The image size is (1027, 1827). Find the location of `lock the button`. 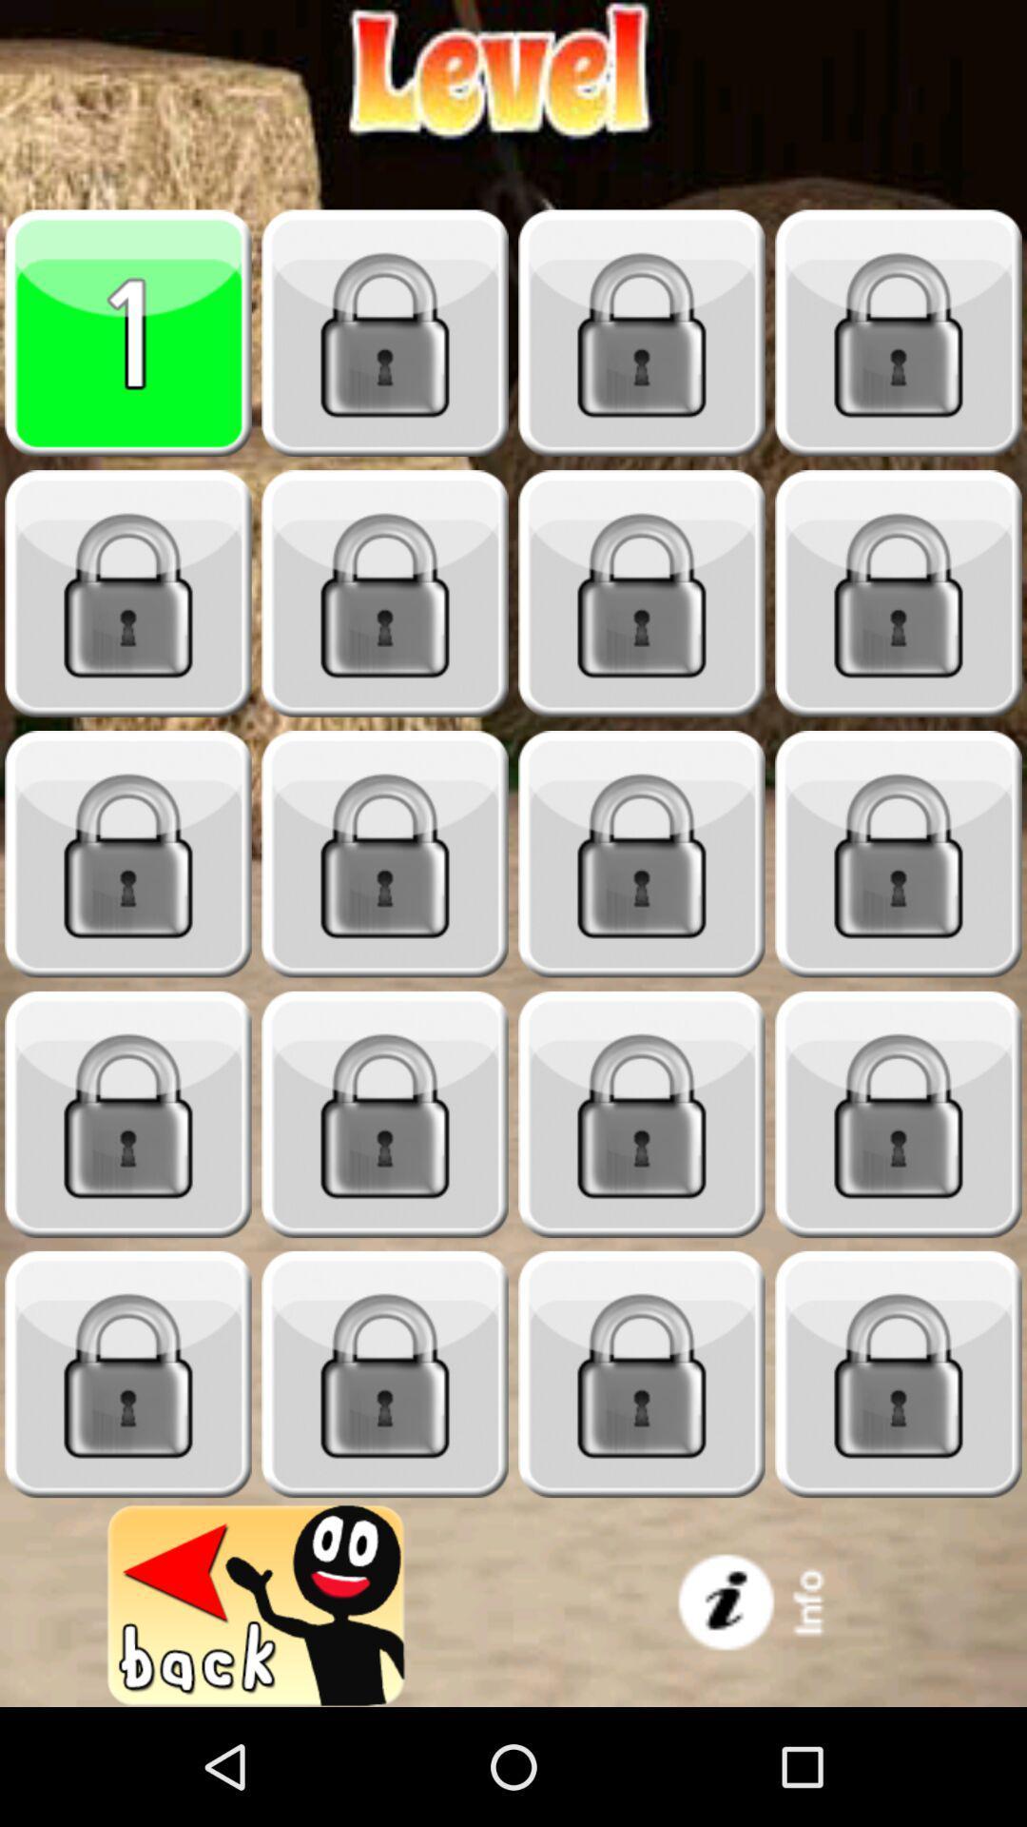

lock the button is located at coordinates (385, 1374).